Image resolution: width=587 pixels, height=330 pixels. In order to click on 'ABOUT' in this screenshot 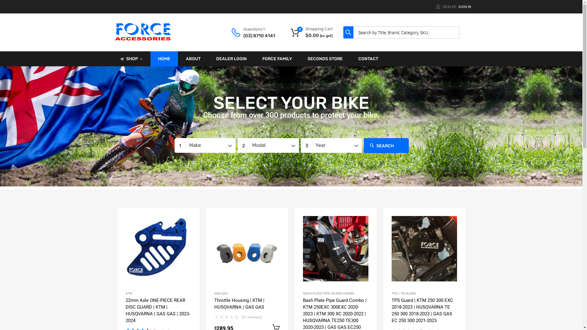, I will do `click(193, 59)`.